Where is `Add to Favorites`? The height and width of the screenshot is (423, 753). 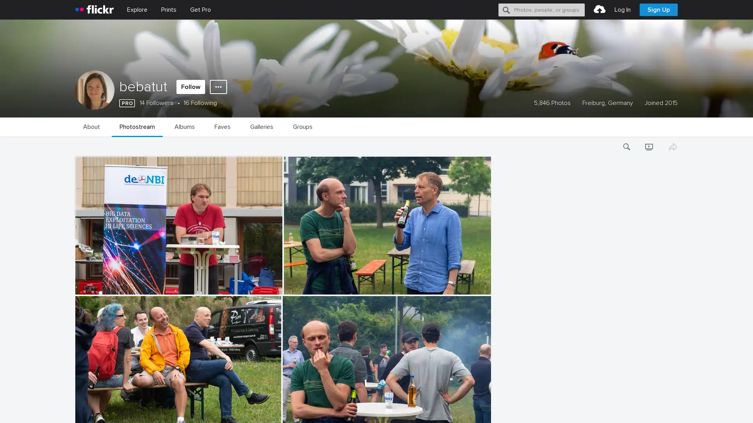
Add to Favorites is located at coordinates (459, 284).